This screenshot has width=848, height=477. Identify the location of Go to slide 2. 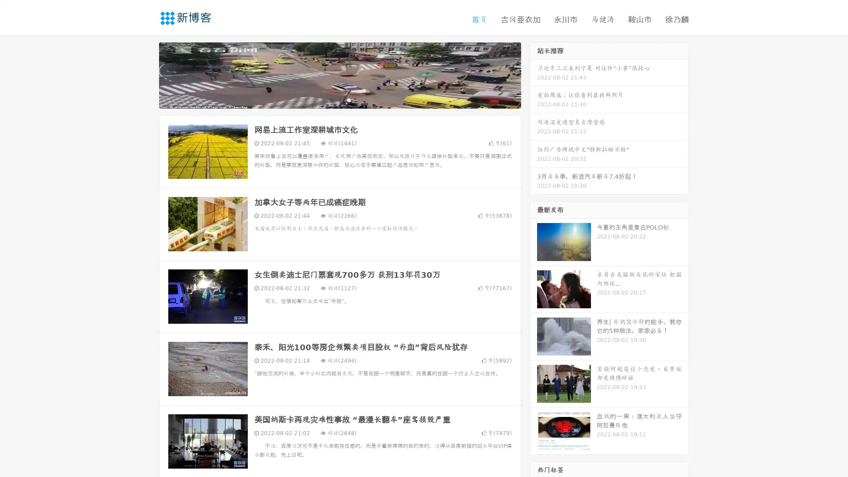
(339, 99).